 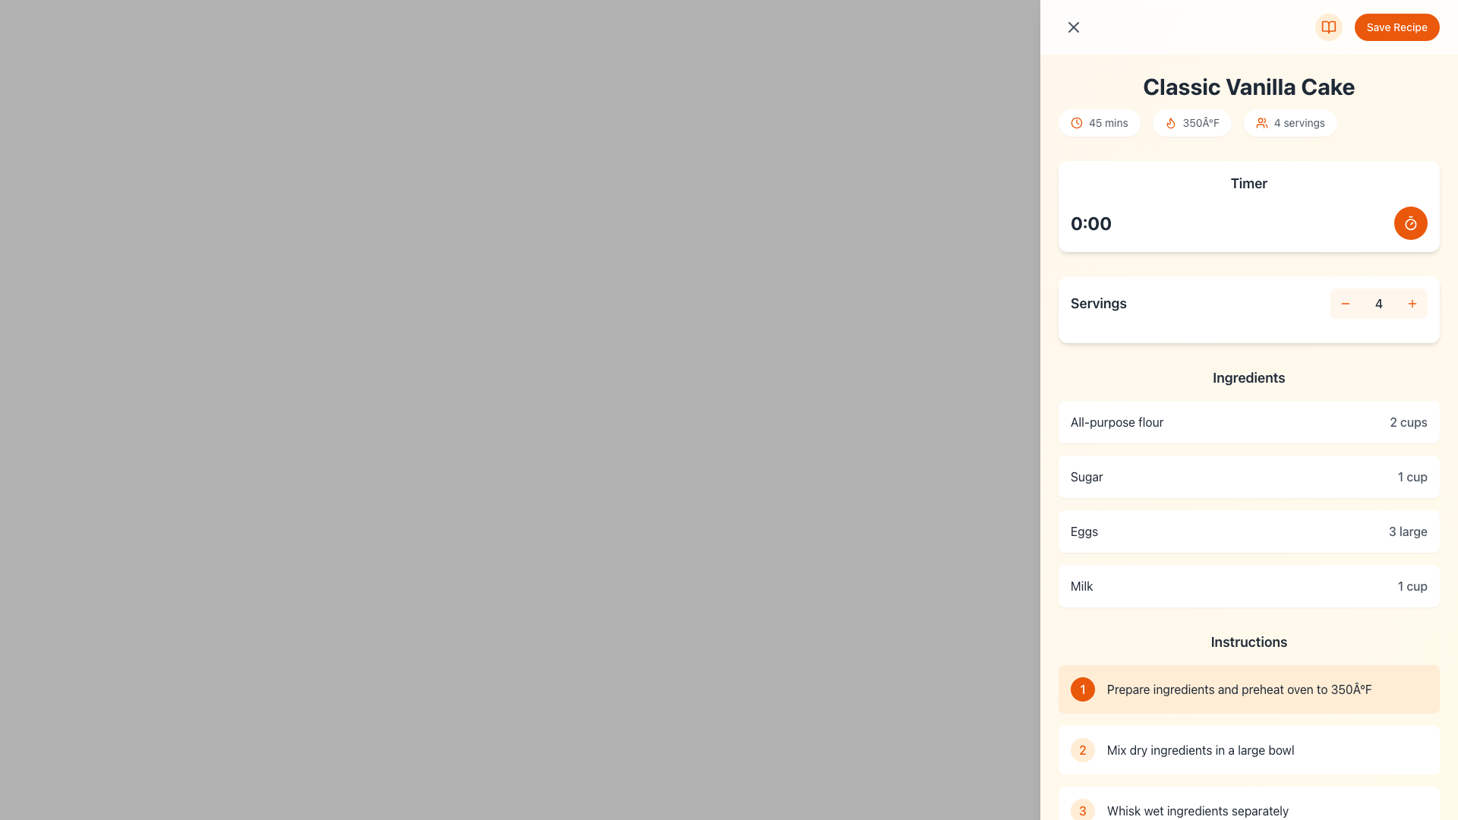 I want to click on the informational label displaying the preparation or cooking time for the recipe, located to the left of '350°F' and '4 servings', below the 'Classic Vanilla Cake' header, so click(x=1099, y=122).